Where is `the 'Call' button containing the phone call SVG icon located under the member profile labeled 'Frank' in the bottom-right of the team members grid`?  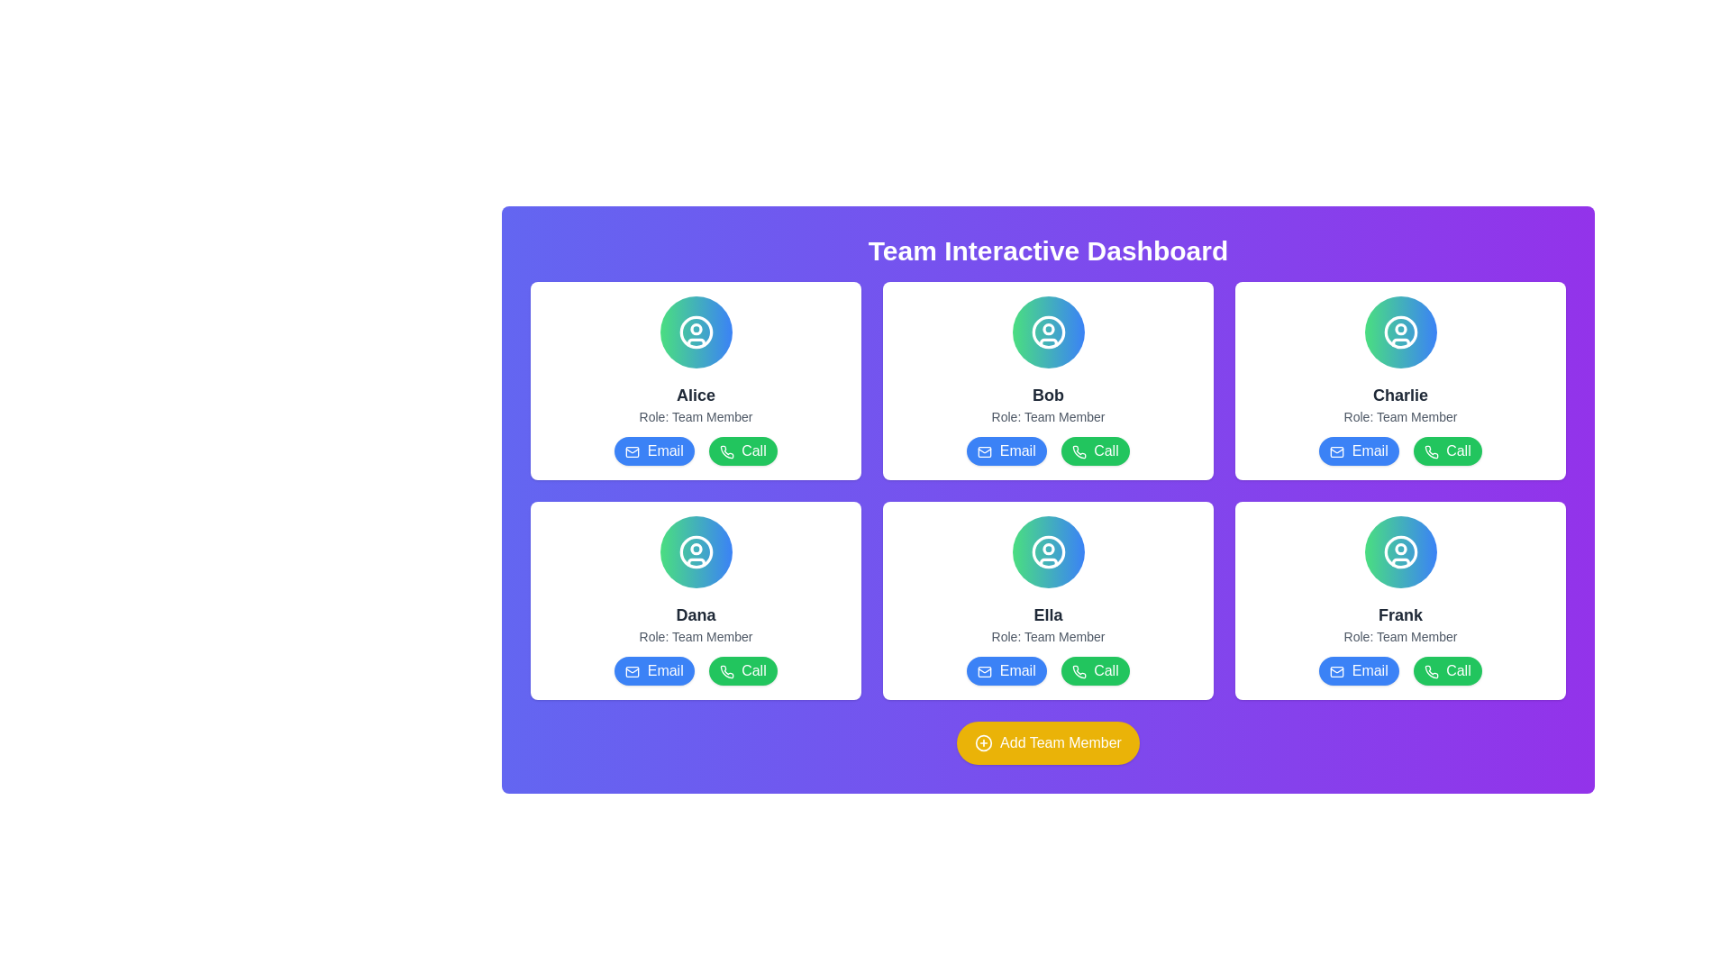
the 'Call' button containing the phone call SVG icon located under the member profile labeled 'Frank' in the bottom-right of the team members grid is located at coordinates (1430, 671).